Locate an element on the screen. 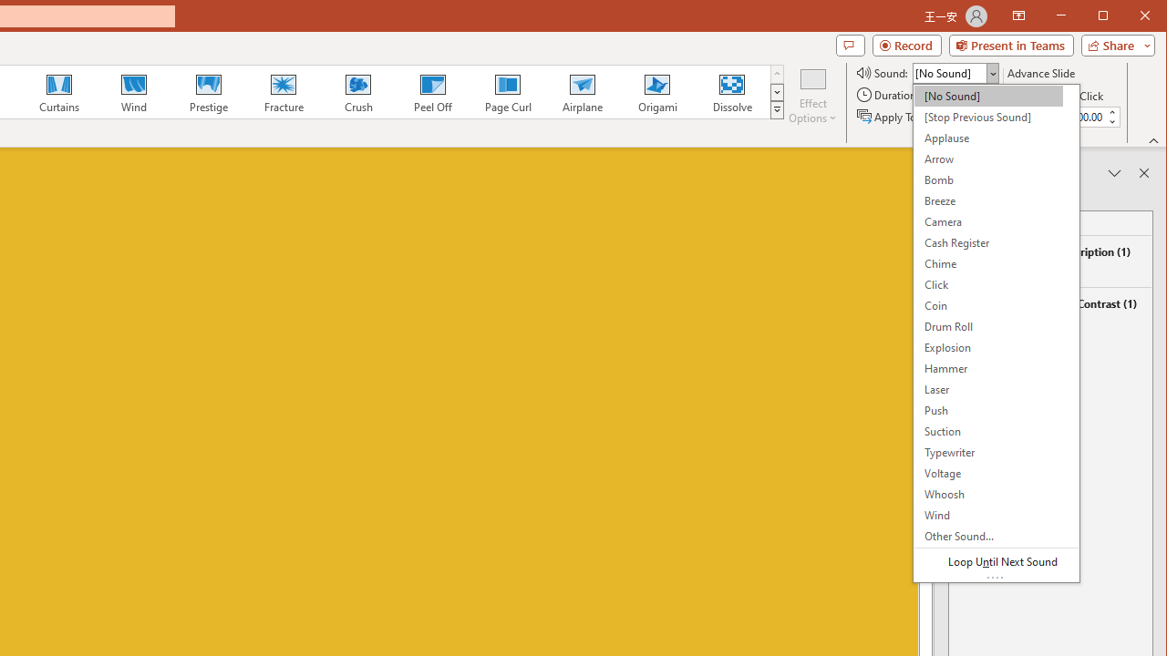  'Ribbon Display Options' is located at coordinates (1017, 16).